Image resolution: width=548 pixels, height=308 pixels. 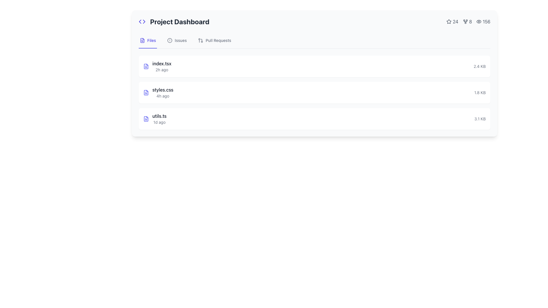 I want to click on the static text label displaying the file name 'utils.ts', which is horizontally centered and positioned at the top of the file list, above the timestamp label '1d ago', so click(x=159, y=116).